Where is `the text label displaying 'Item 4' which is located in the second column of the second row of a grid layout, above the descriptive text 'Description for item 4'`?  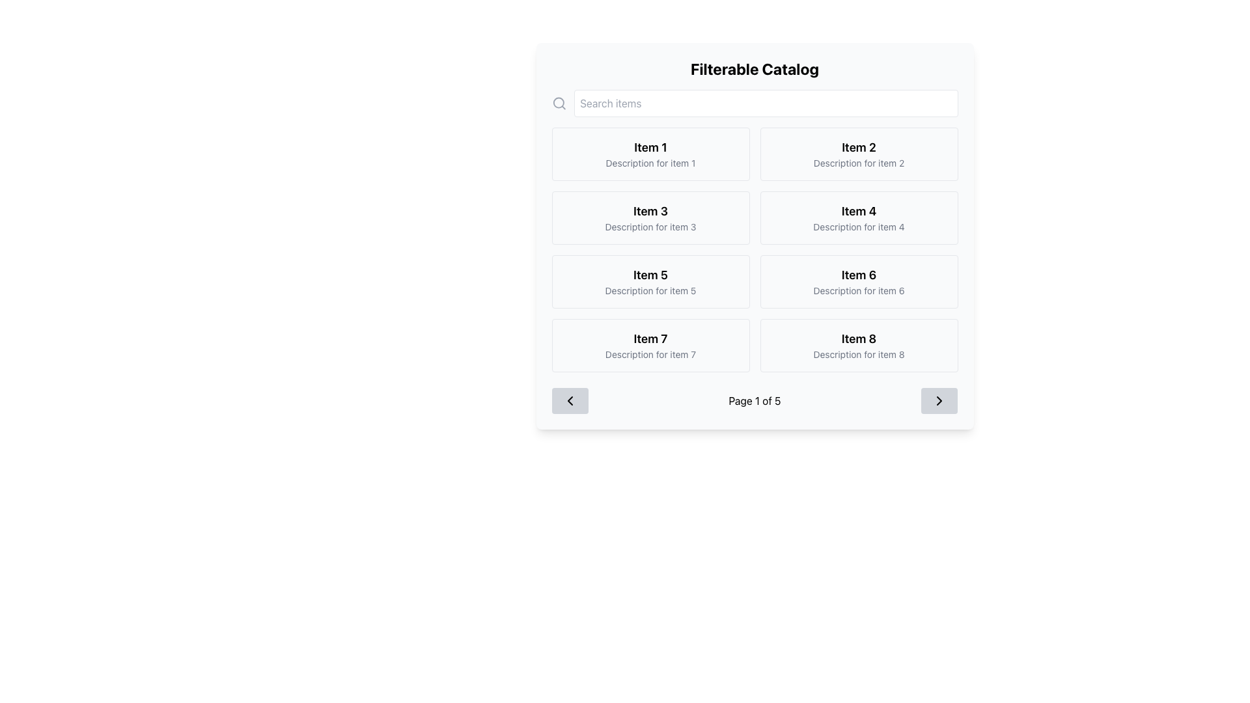
the text label displaying 'Item 4' which is located in the second column of the second row of a grid layout, above the descriptive text 'Description for item 4' is located at coordinates (859, 210).